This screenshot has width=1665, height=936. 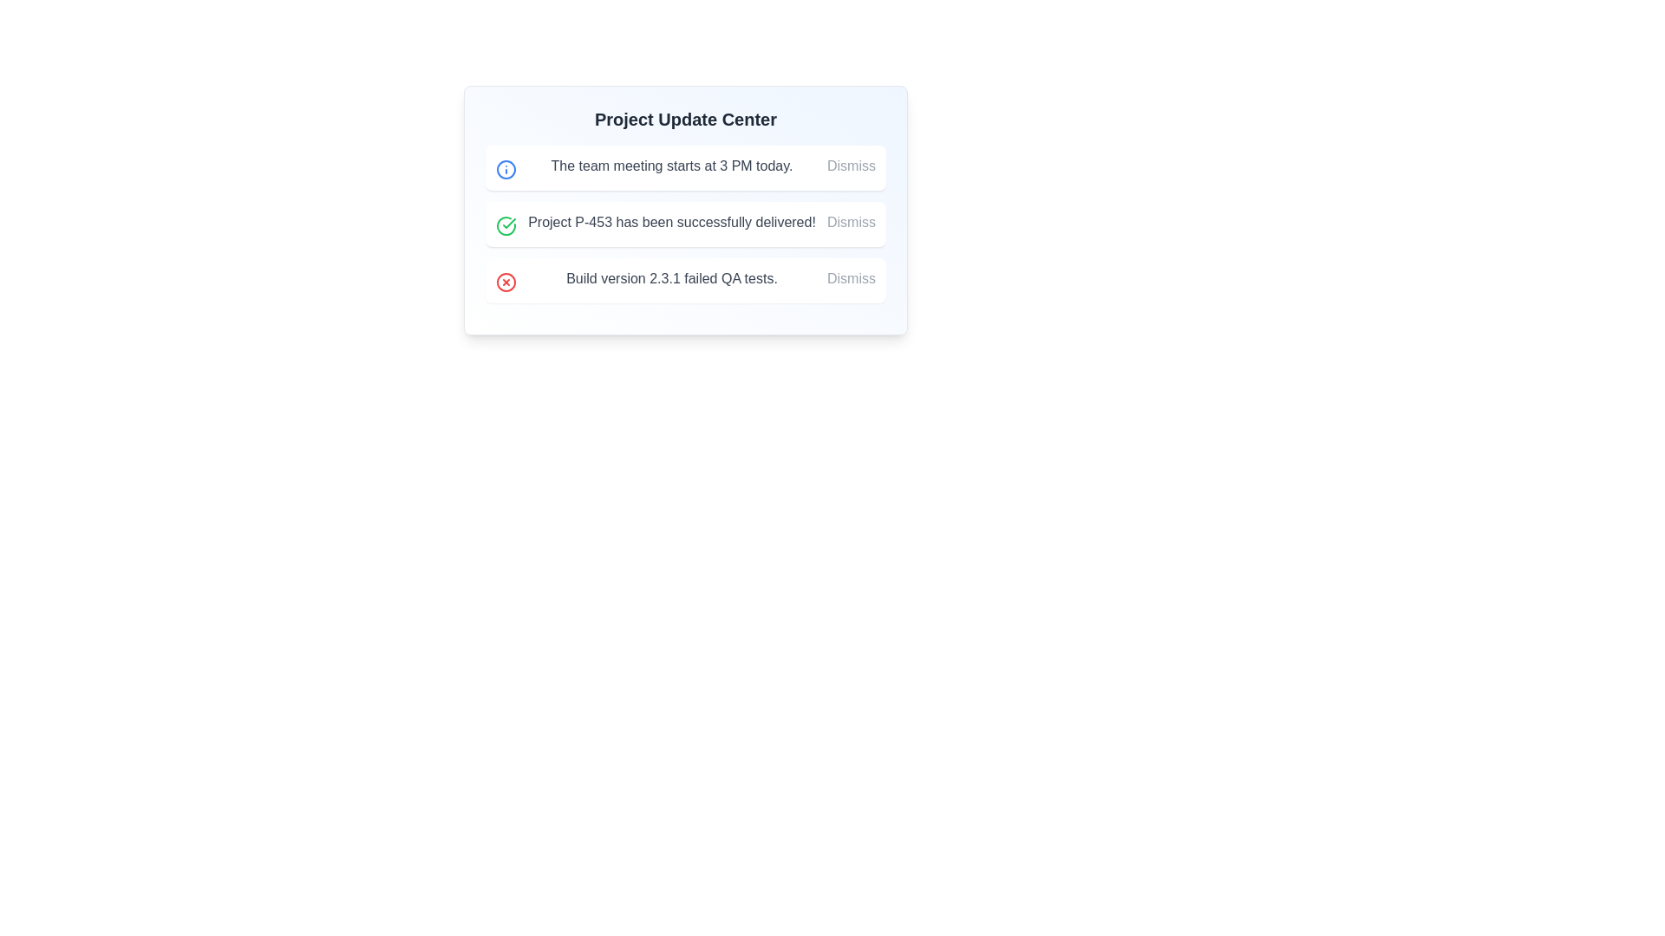 I want to click on the information icon located in the first notification box, which precedes the text 'The team meeting starts at 3 PM today.', so click(x=506, y=170).